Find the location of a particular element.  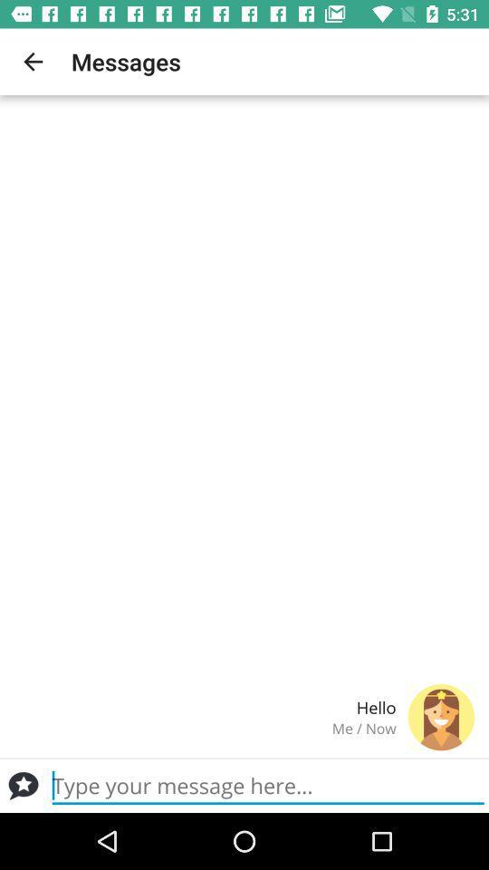

the icon at the bottom left corner is located at coordinates (23, 785).